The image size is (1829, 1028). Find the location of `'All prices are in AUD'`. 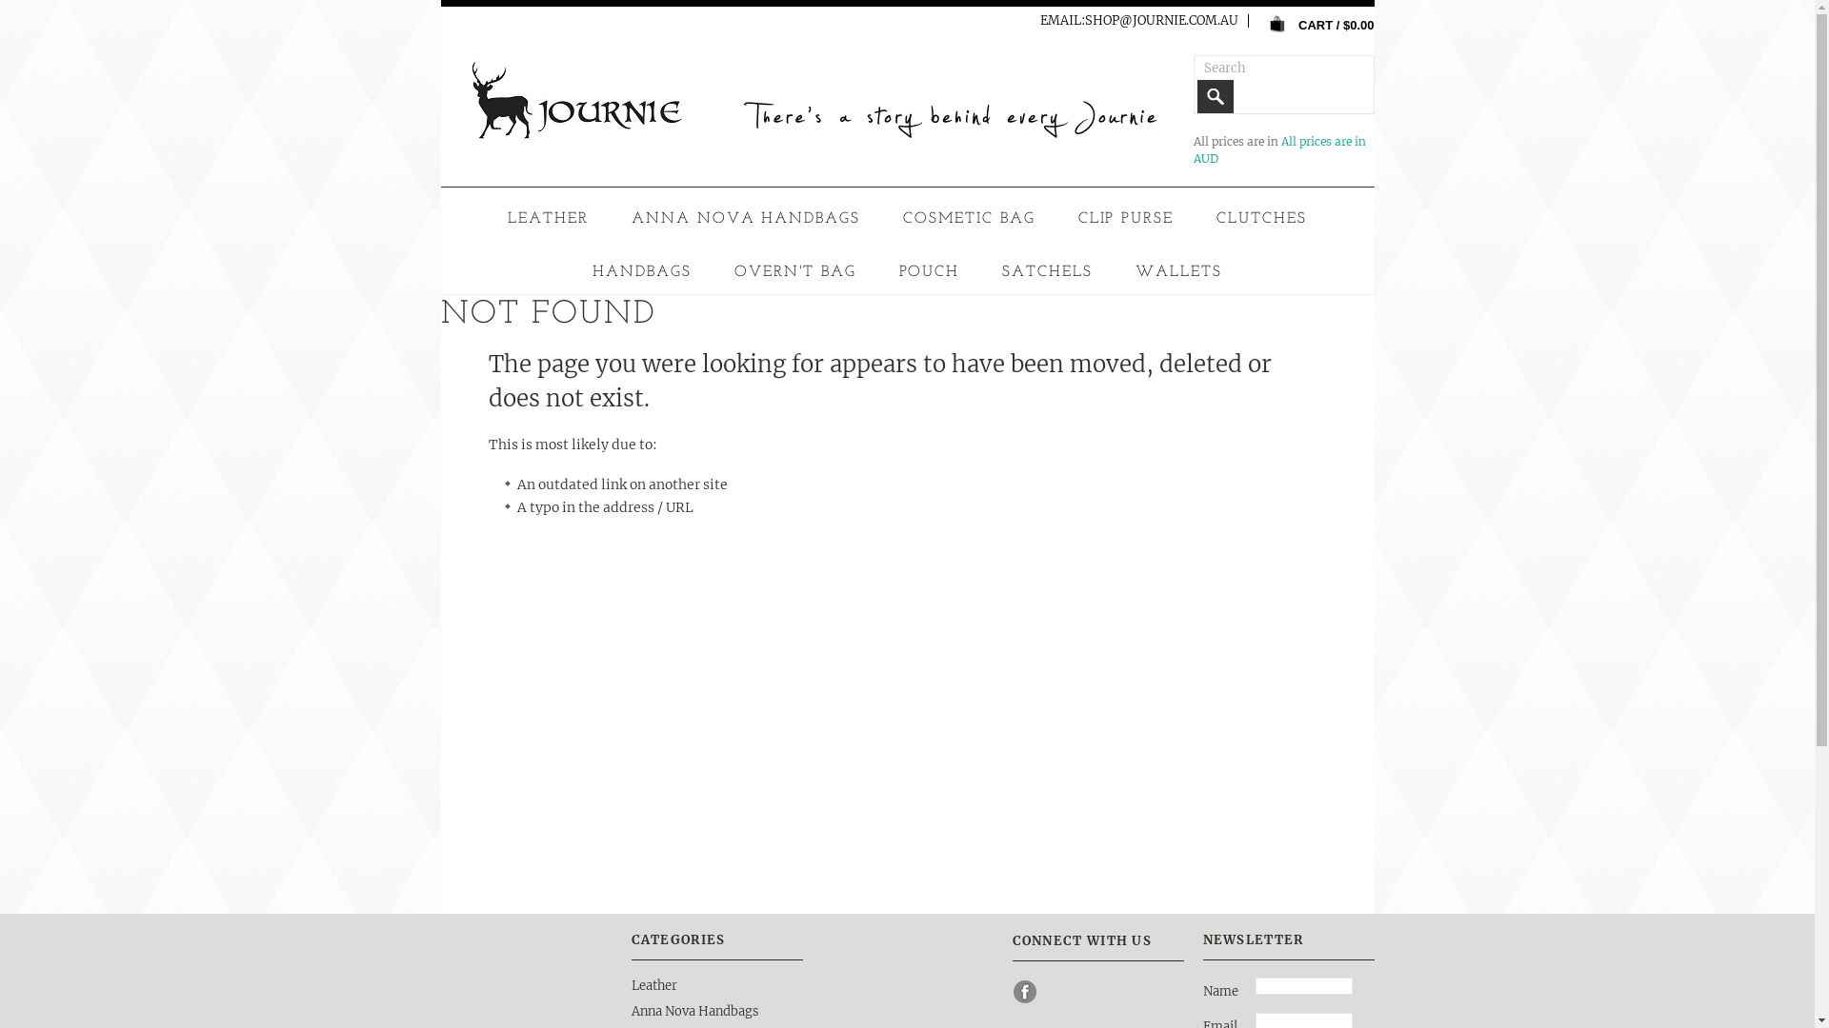

'All prices are in AUD' is located at coordinates (1192, 148).